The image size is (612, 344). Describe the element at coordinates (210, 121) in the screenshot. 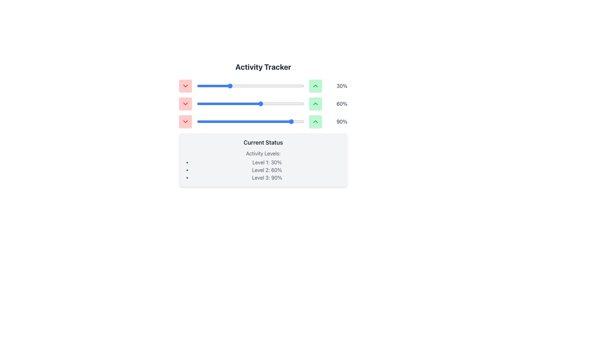

I see `the slider value` at that location.